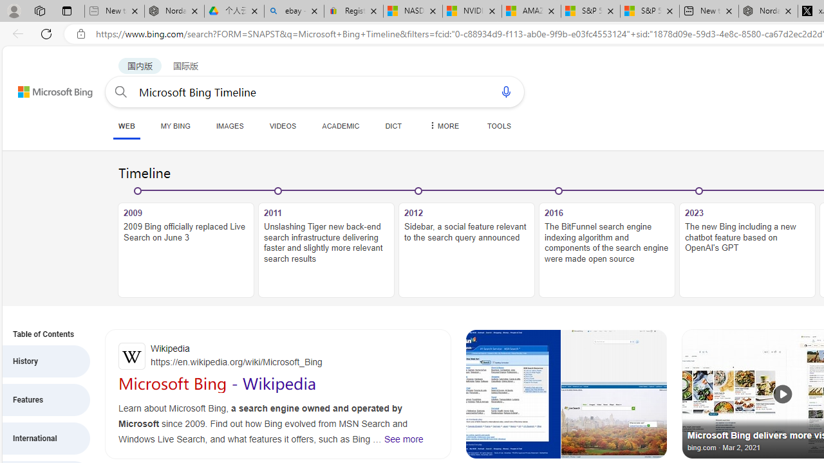  What do you see at coordinates (353, 11) in the screenshot?
I see `'Register: Create a personal eBay account'` at bounding box center [353, 11].